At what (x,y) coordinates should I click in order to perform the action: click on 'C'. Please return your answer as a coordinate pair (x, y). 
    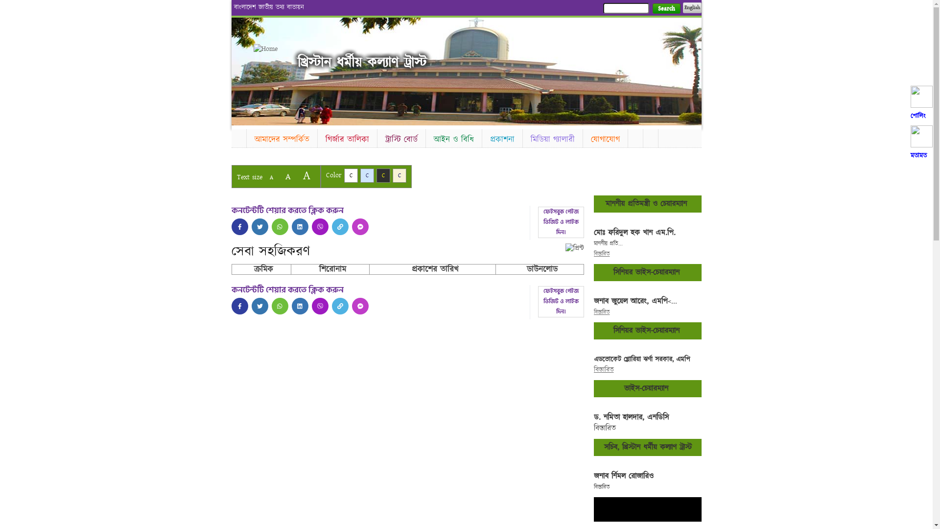
    Looking at the image, I should click on (382, 175).